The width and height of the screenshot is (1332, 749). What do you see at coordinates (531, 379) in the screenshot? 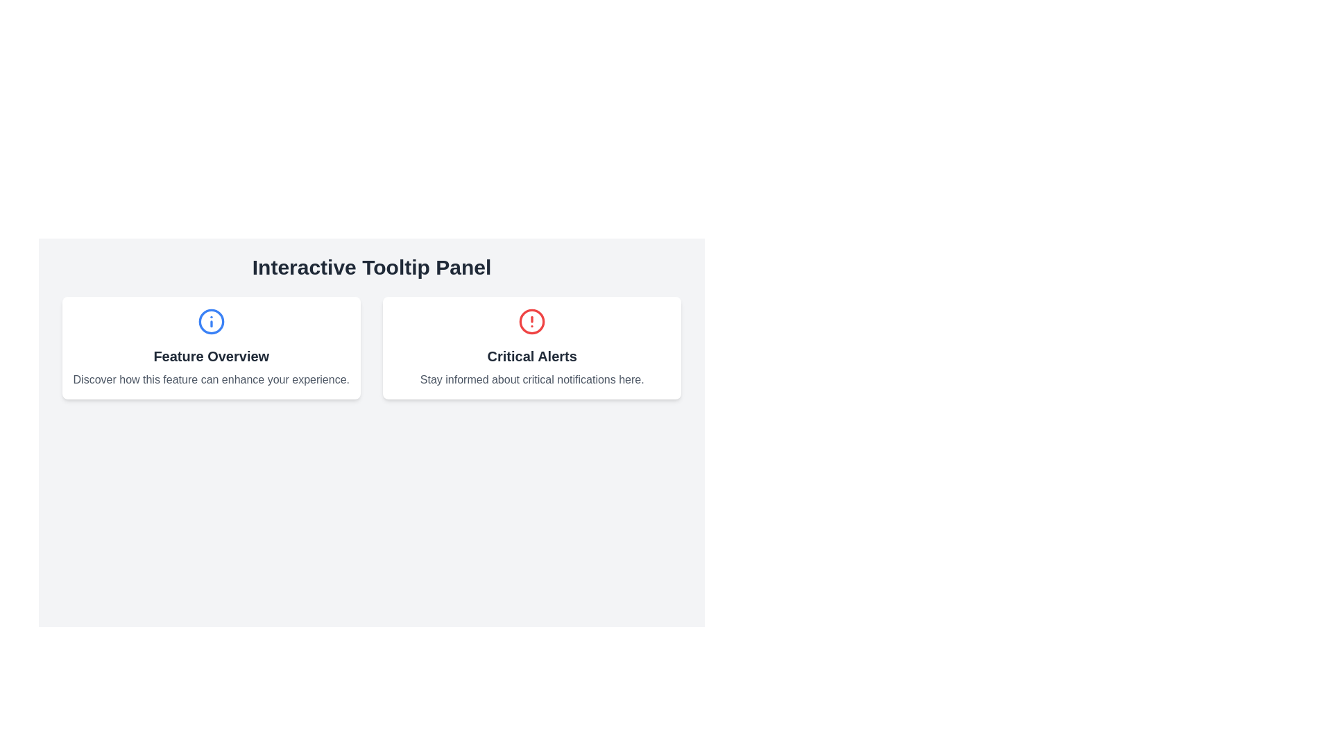
I see `the text label displaying the message 'Stay informed about critical notifications here.' which is positioned below the heading 'Critical Alerts' within a notification card` at bounding box center [531, 379].